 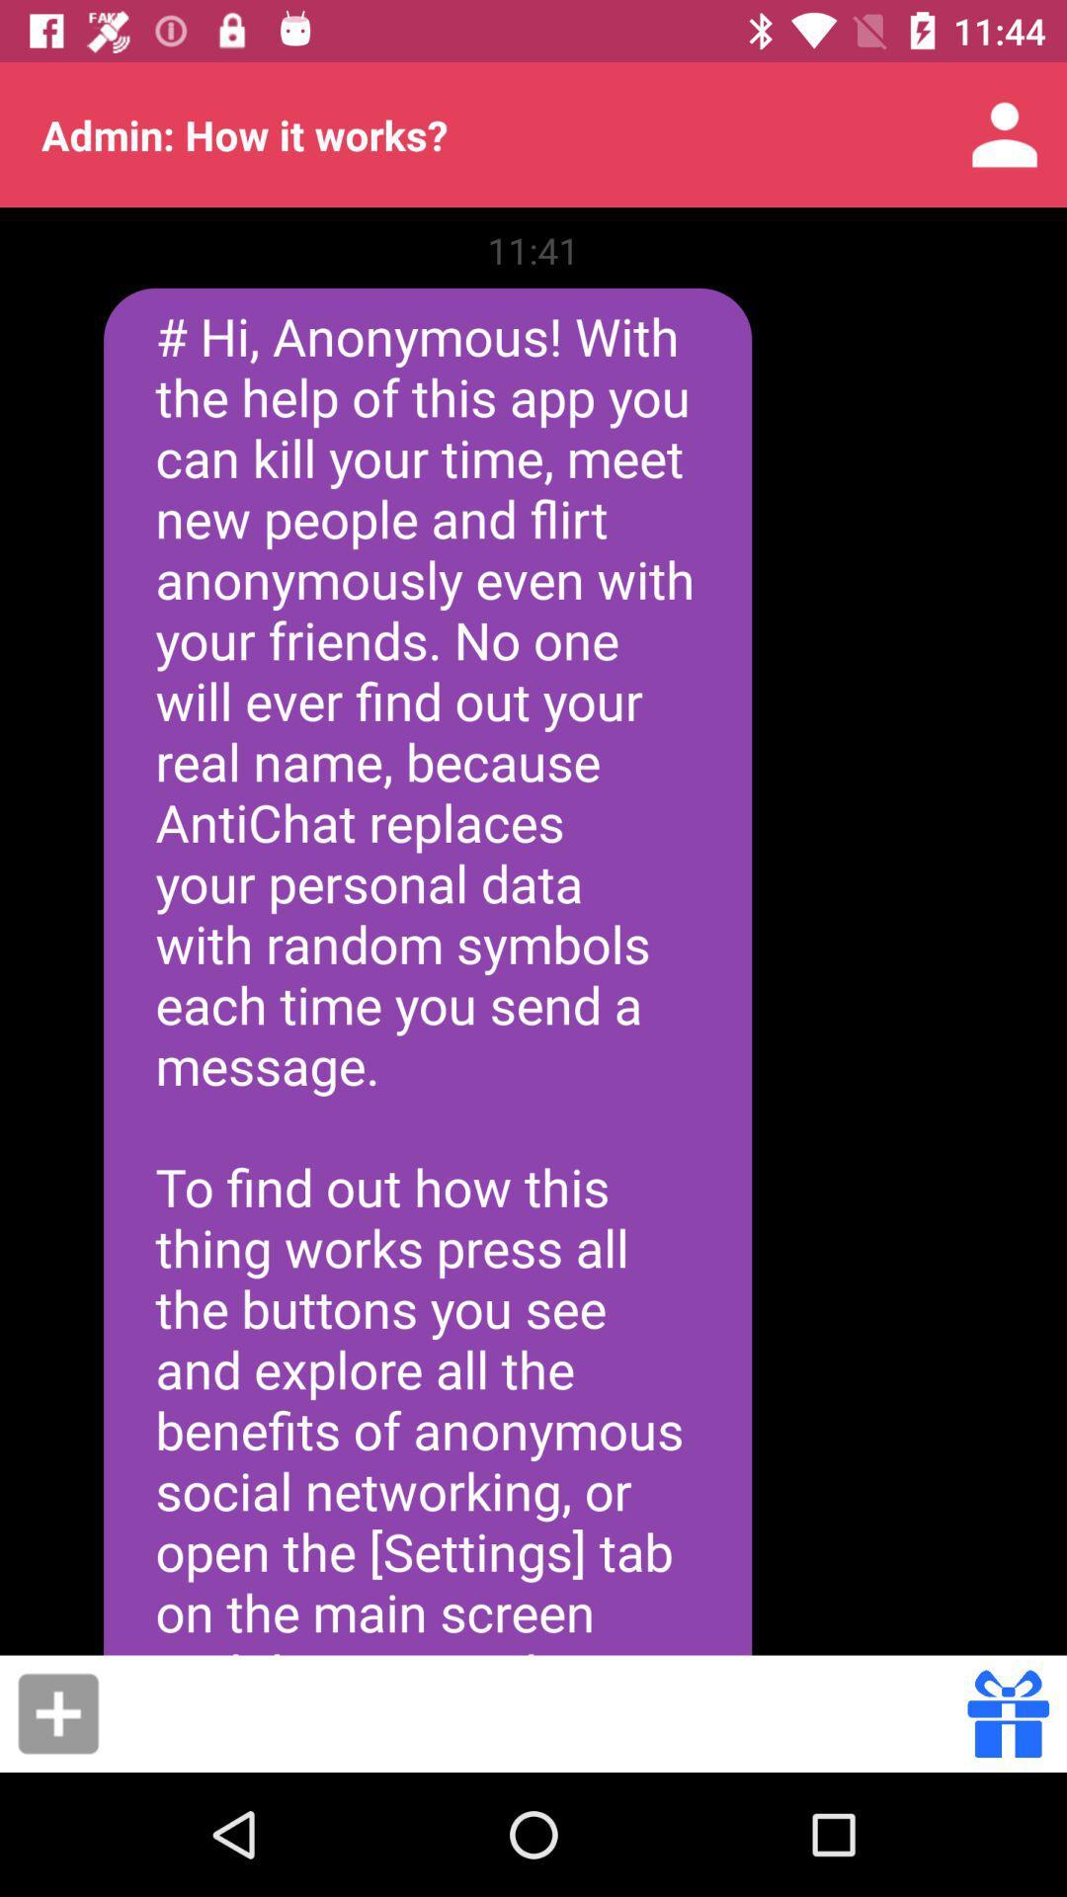 I want to click on the gift icon, so click(x=1008, y=1712).